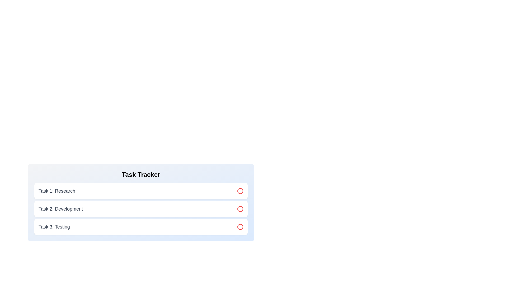 The height and width of the screenshot is (285, 507). I want to click on the circle icon for task 2 to toggle its status, so click(240, 208).